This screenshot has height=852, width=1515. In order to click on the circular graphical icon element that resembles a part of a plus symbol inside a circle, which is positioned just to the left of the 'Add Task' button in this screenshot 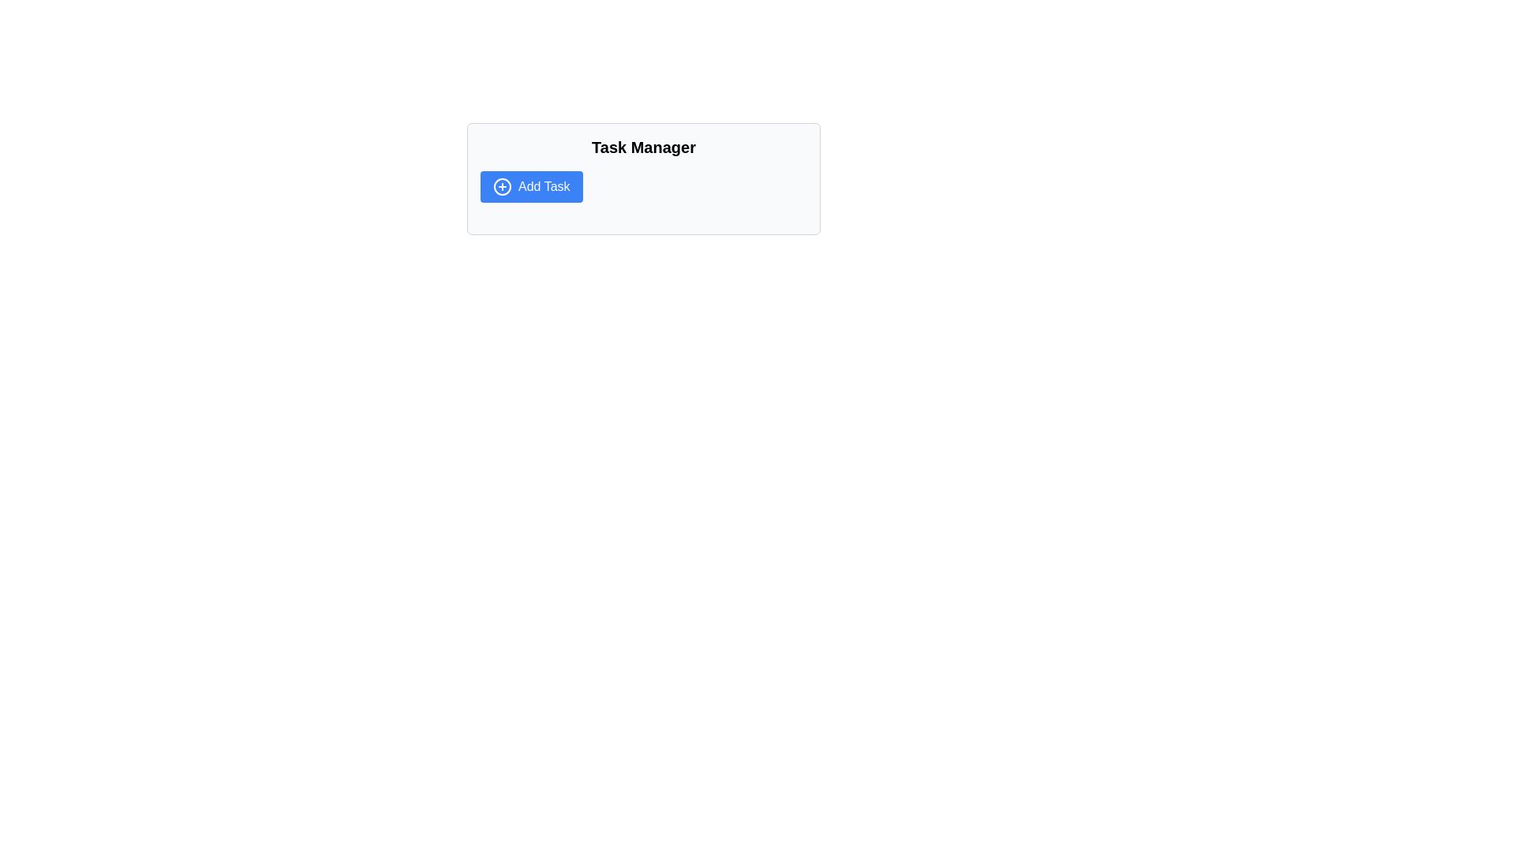, I will do `click(502, 185)`.